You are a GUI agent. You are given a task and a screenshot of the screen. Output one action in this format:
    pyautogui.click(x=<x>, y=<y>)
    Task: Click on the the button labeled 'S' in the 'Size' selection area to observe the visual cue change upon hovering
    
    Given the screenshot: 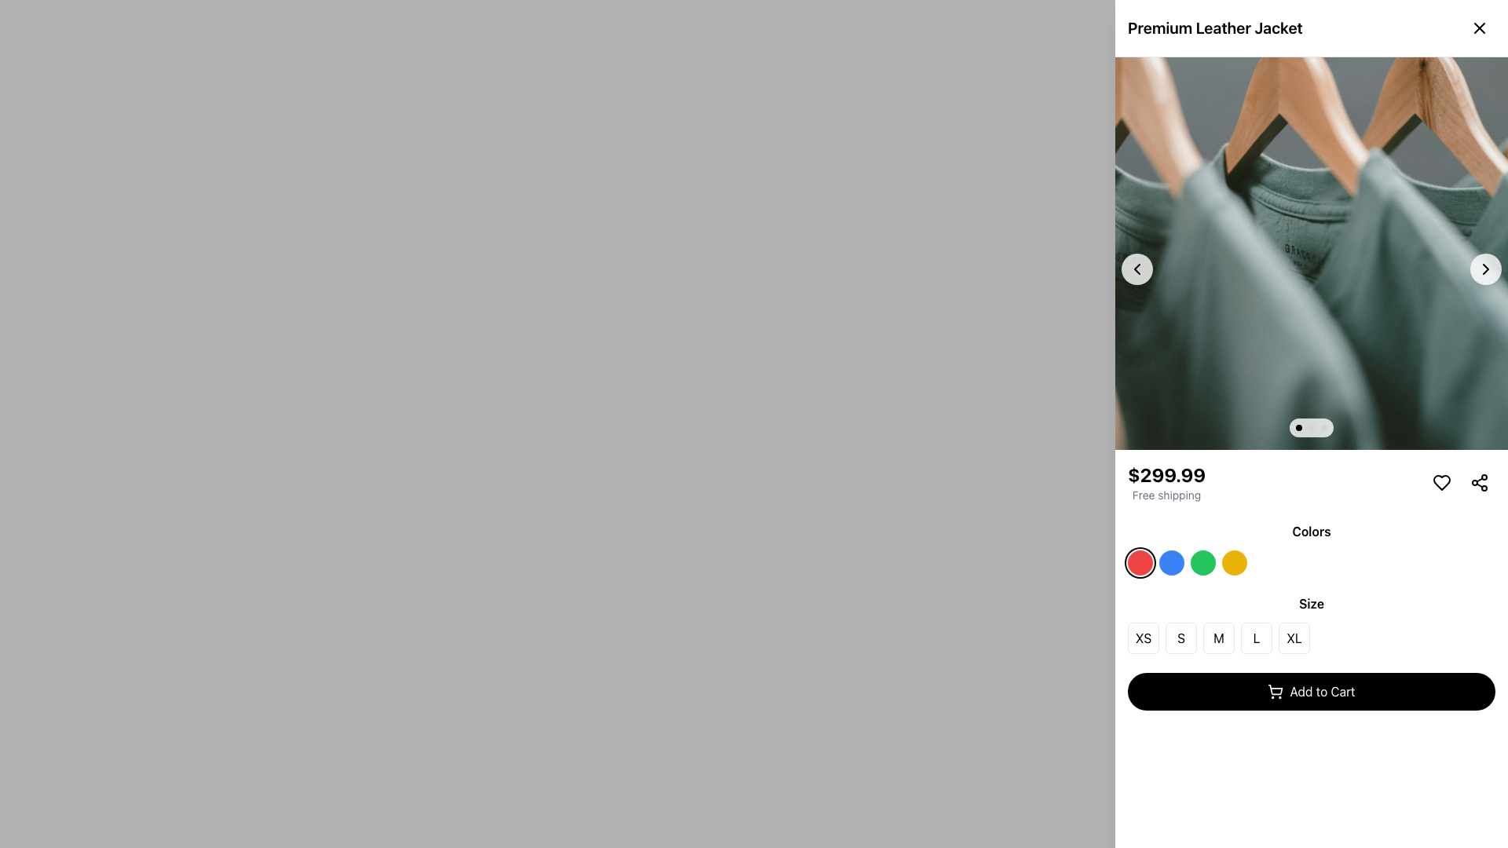 What is the action you would take?
    pyautogui.click(x=1180, y=638)
    